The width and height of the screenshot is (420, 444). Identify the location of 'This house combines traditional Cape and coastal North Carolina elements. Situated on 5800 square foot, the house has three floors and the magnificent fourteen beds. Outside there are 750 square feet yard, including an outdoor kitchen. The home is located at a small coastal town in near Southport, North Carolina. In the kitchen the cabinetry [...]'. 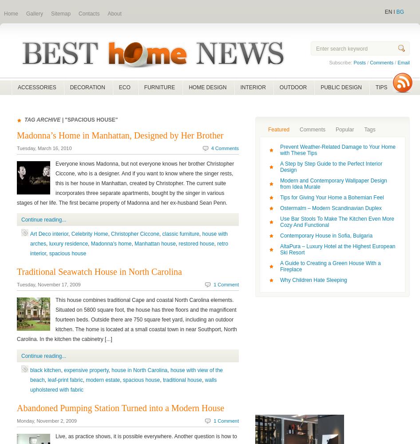
(126, 319).